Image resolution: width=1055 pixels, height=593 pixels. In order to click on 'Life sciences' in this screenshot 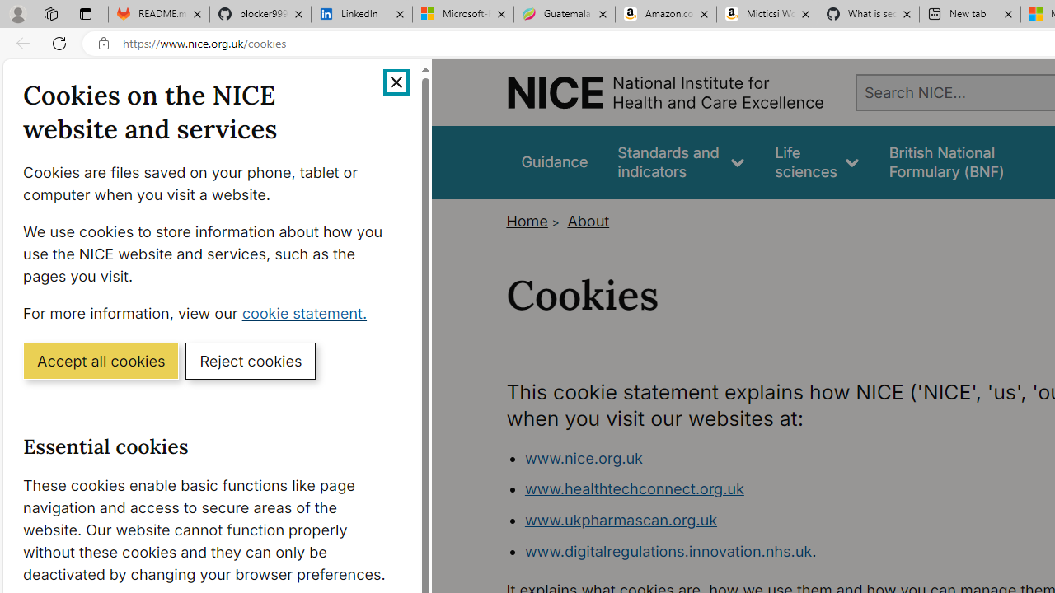, I will do `click(817, 162)`.